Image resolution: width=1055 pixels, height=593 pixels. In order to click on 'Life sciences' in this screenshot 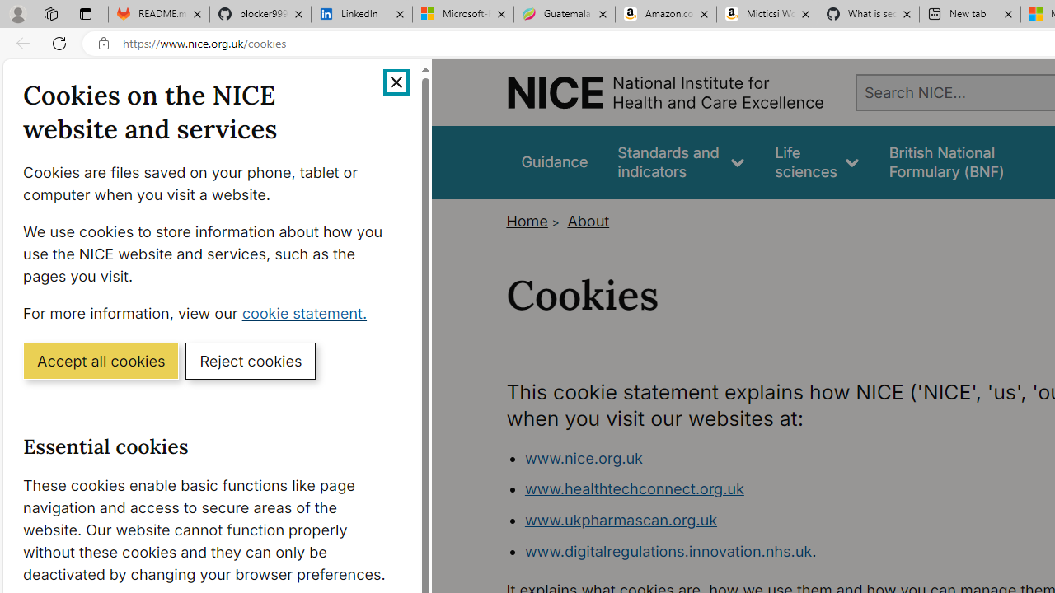, I will do `click(817, 162)`.